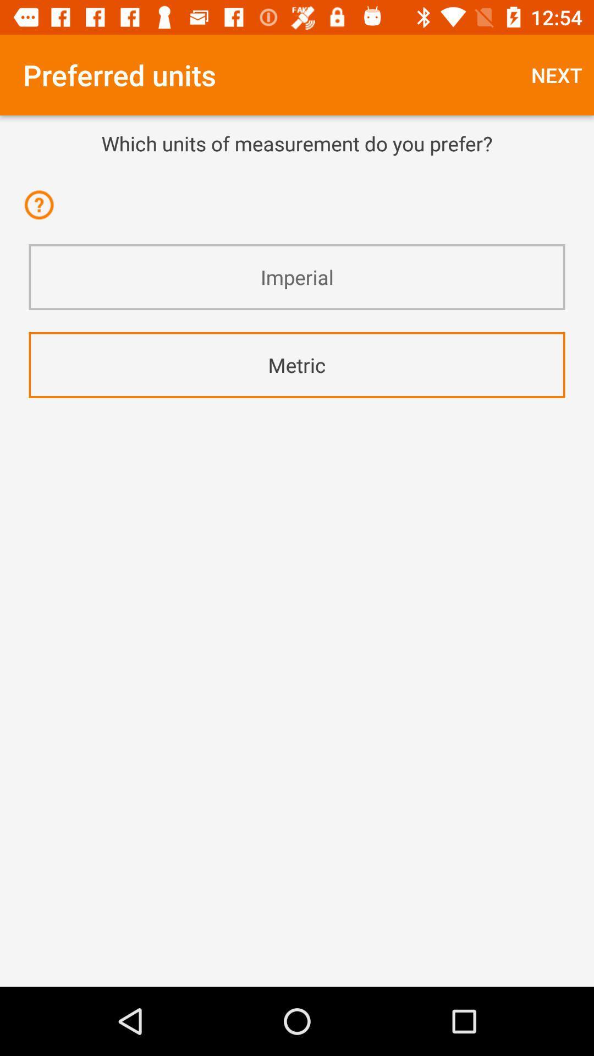 The height and width of the screenshot is (1056, 594). What do you see at coordinates (297, 427) in the screenshot?
I see `the icon below the metric item` at bounding box center [297, 427].